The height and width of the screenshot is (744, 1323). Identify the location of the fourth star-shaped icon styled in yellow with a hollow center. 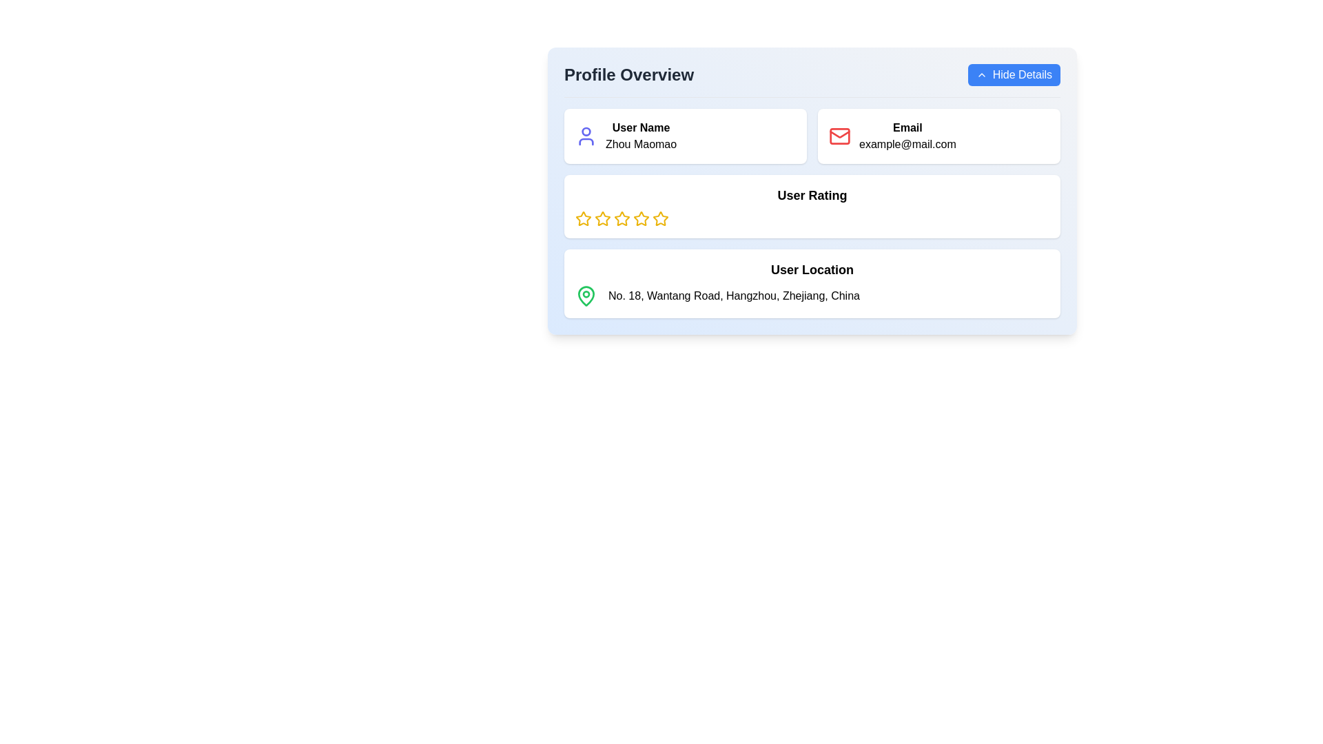
(641, 218).